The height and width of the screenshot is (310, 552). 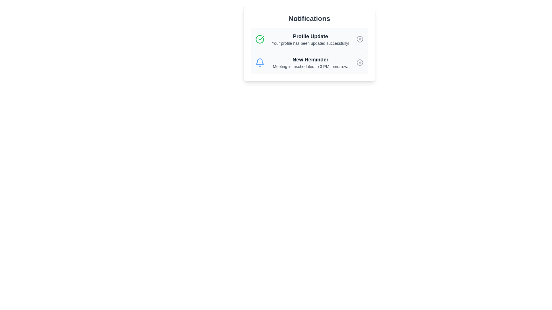 I want to click on the dismiss icon (circle with cross) located in the second row of the notification panel beside the text 'New Reminder', so click(x=360, y=63).